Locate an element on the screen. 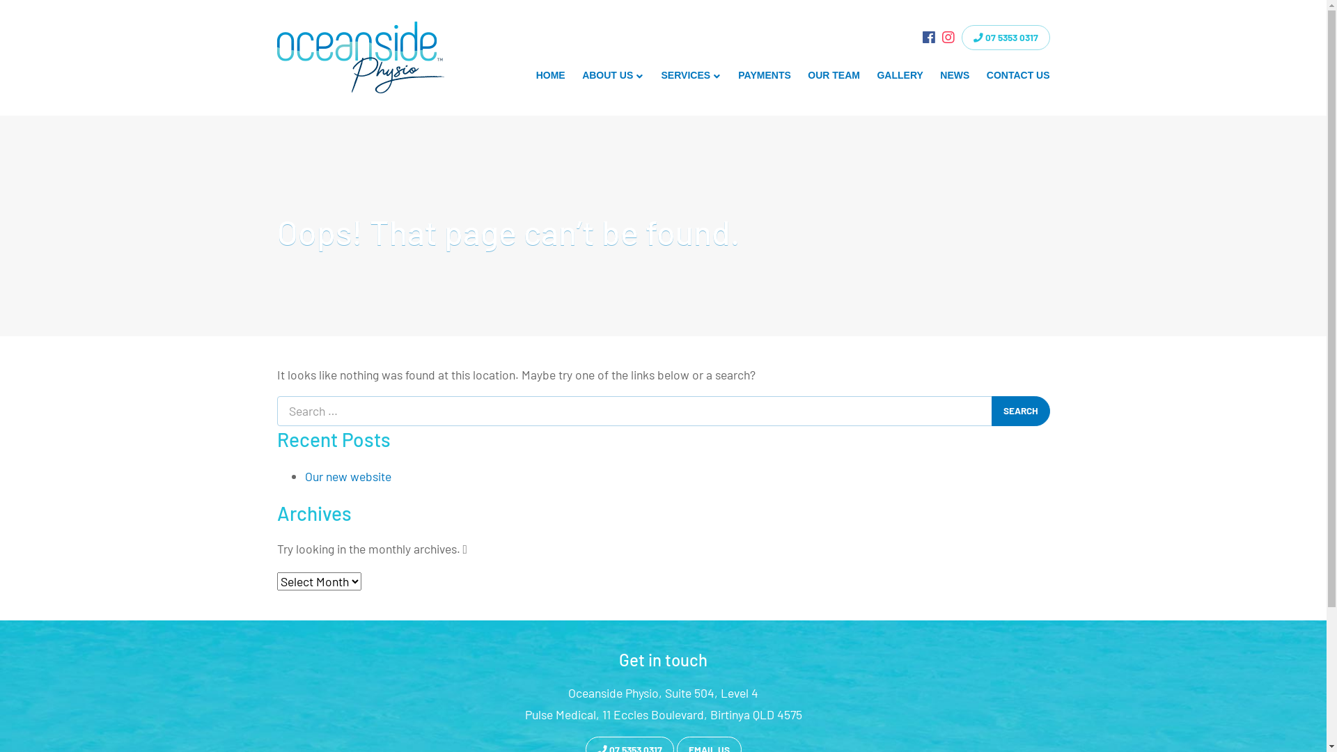 This screenshot has width=1337, height=752. 'HOME' is located at coordinates (526, 75).